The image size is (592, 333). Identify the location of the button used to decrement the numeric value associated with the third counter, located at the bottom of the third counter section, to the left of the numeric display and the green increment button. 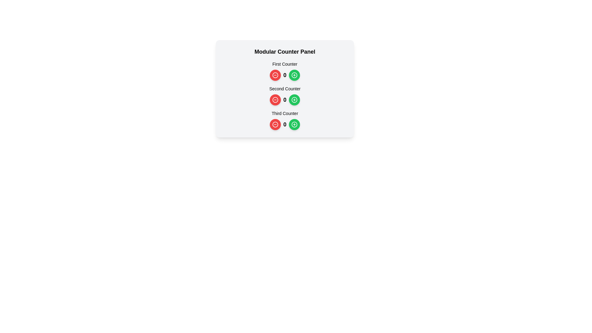
(275, 125).